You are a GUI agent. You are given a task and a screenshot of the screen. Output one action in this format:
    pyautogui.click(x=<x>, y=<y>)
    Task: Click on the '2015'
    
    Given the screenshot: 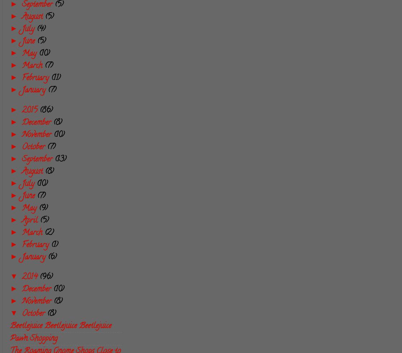 What is the action you would take?
    pyautogui.click(x=31, y=110)
    